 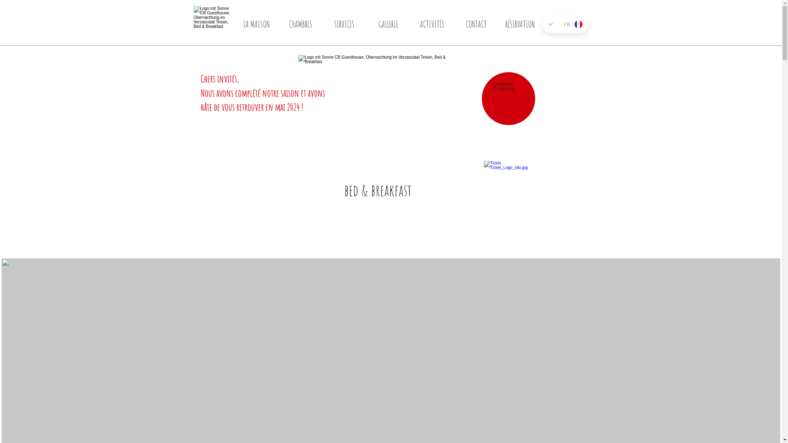 I want to click on 'CHAMBRES', so click(x=300, y=26).